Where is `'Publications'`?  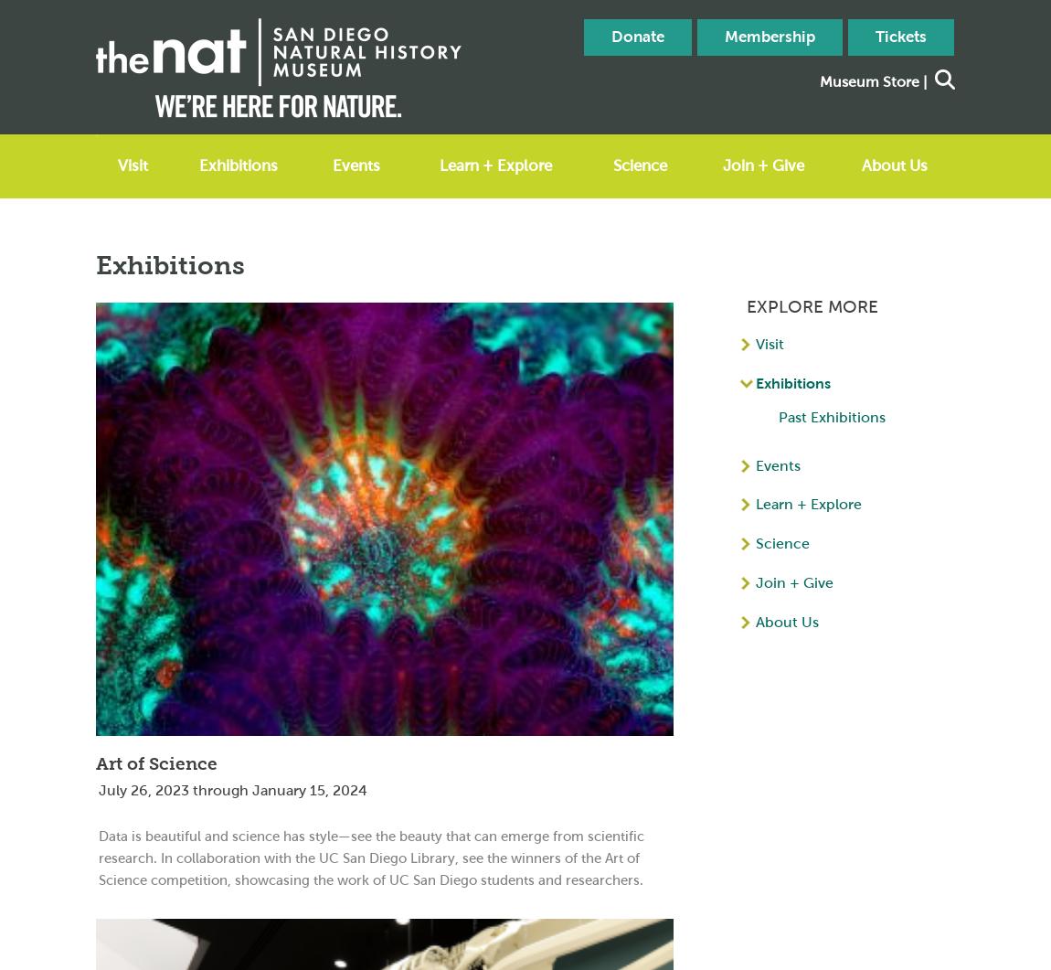
'Publications' is located at coordinates (640, 292).